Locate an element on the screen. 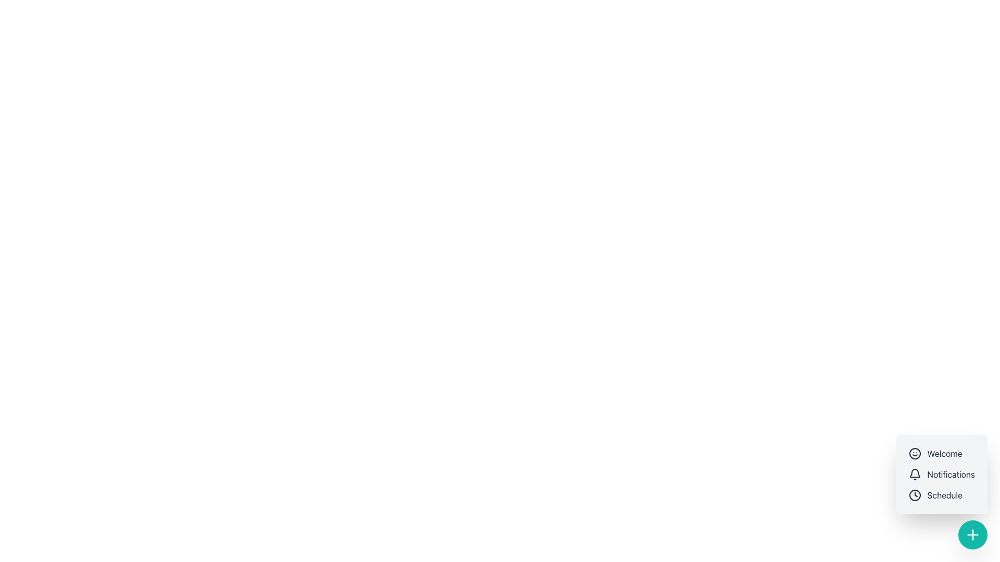  text from the label indicating functionality or section related to scheduling, located at the bottom-right corner of the interface, under 'Welcome' and 'Notifications', and to the right of a clock icon is located at coordinates (945, 495).